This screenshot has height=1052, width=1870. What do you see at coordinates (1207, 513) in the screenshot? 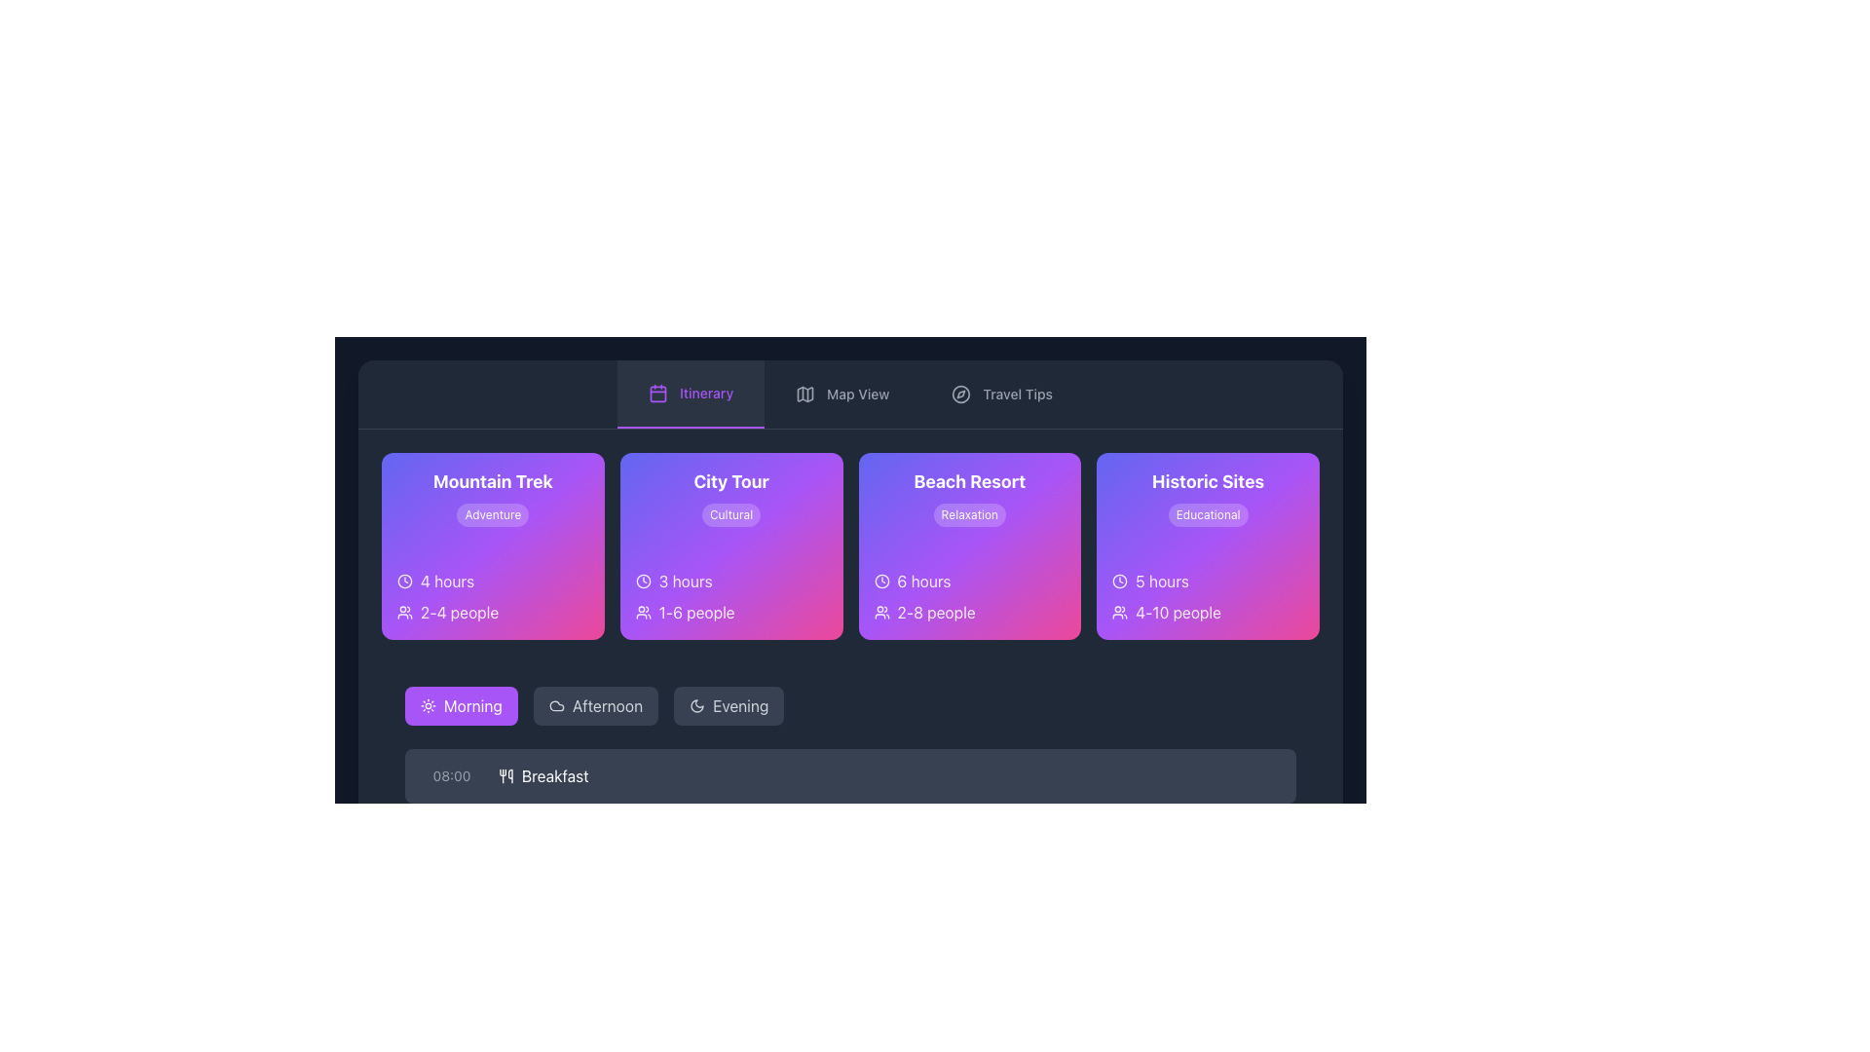
I see `the 'Educational' label located at the top-right corner of the 'Historic Sites' card` at bounding box center [1207, 513].